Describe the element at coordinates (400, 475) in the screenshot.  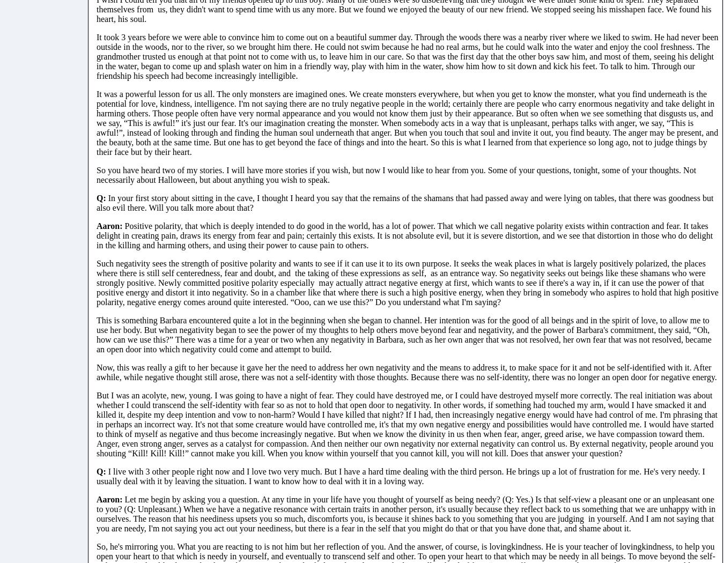
I see `'I live with 3 other people right now and I love two very much. But I have a hard time dealing with the third person. He brings up a lot of frustration for me. He's very needy. I usually deal with it by leaving the situation. I want to know how to deal with it in a loving way.'` at that location.